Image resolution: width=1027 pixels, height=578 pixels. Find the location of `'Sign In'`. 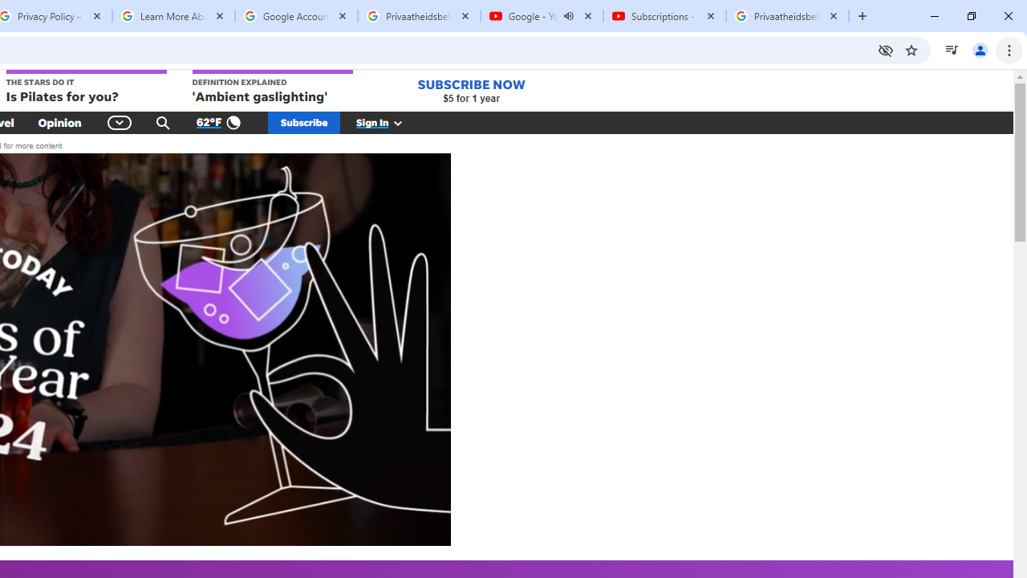

'Sign In' is located at coordinates (388, 122).